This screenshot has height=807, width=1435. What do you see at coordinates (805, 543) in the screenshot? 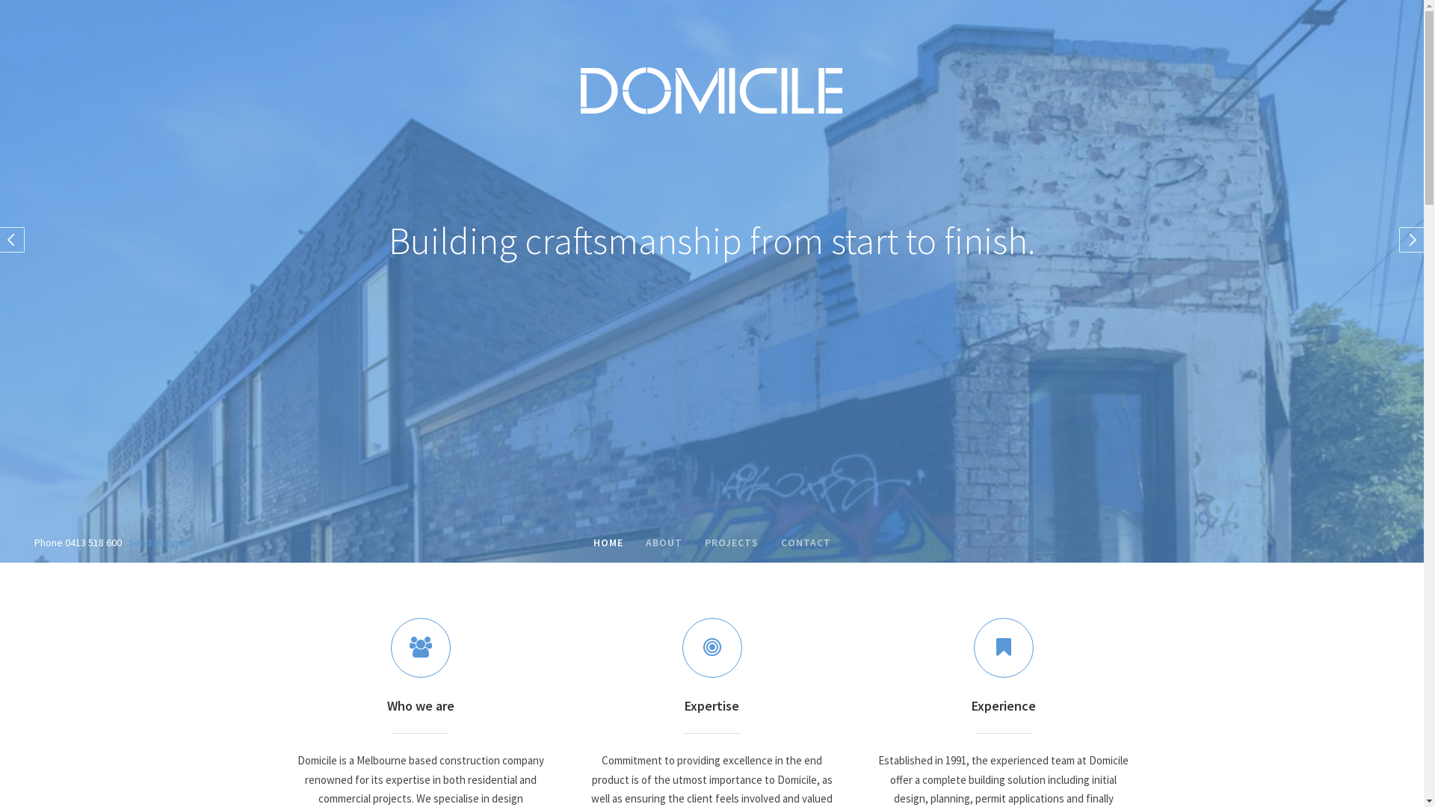
I see `'CONTACT'` at bounding box center [805, 543].